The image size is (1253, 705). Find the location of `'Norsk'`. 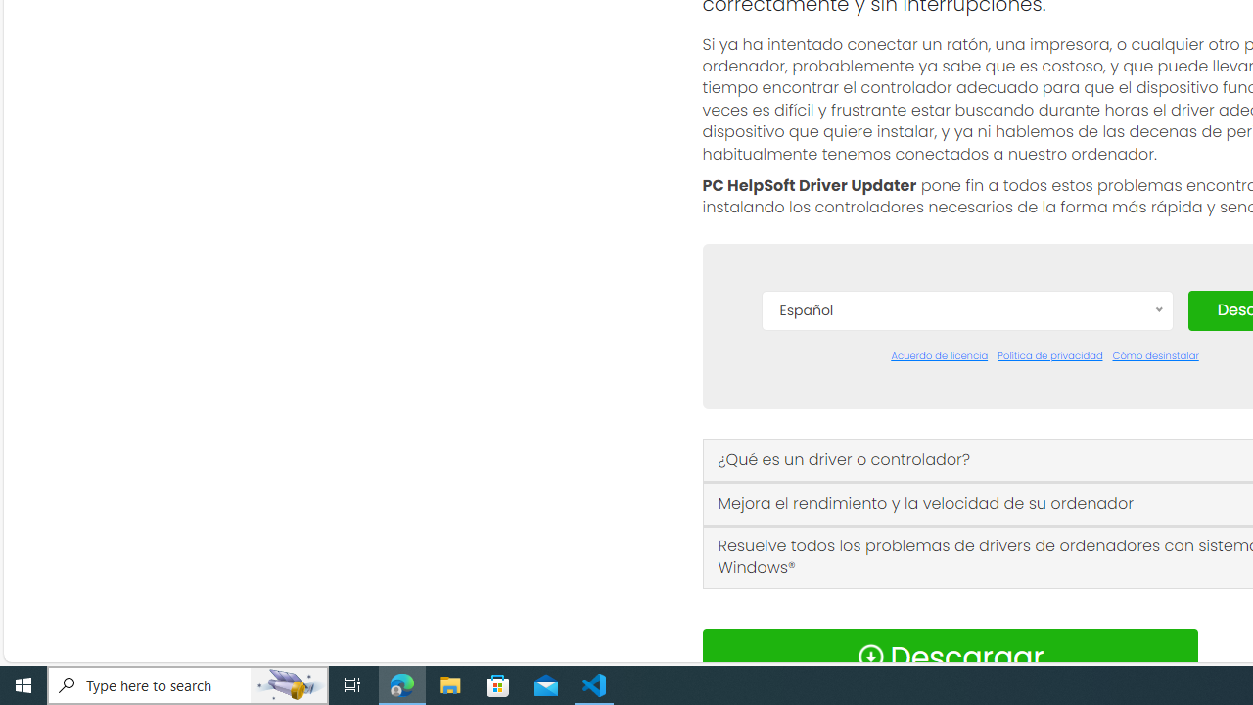

'Norsk' is located at coordinates (966, 638).